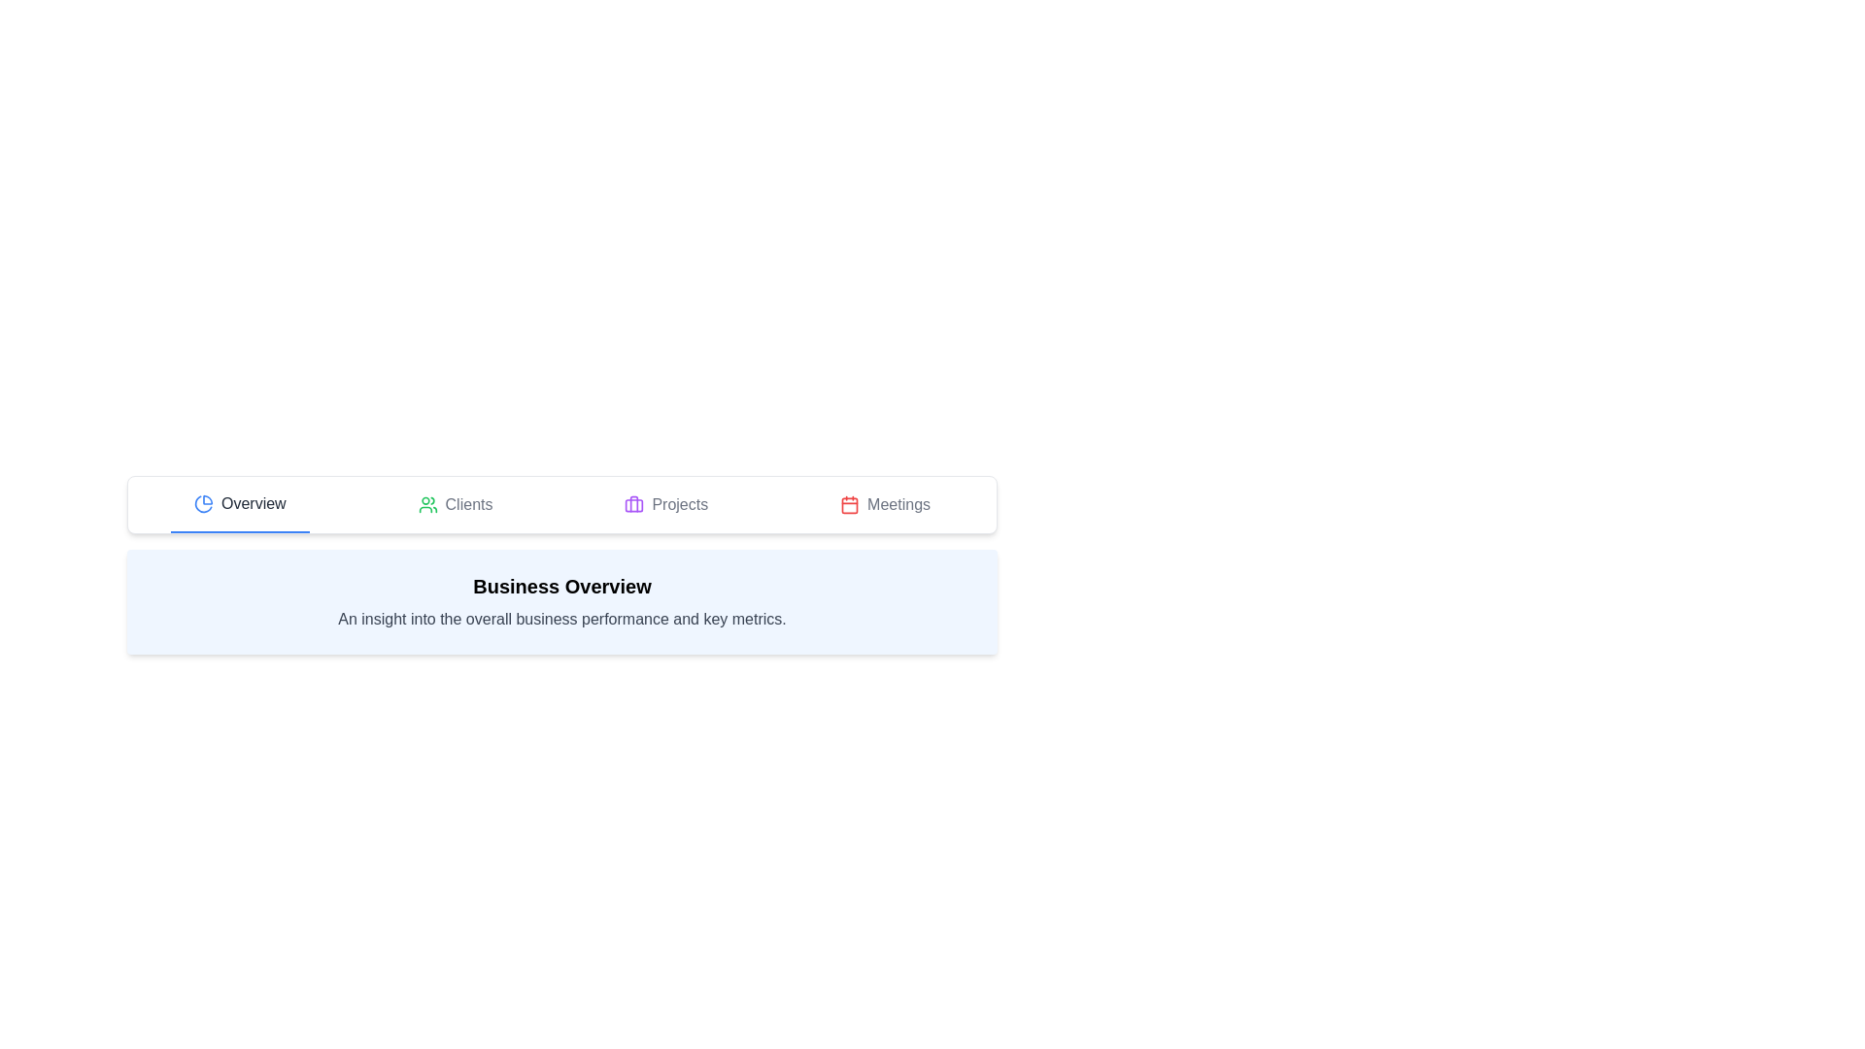 This screenshot has height=1049, width=1865. What do you see at coordinates (469, 504) in the screenshot?
I see `the navigation menu item labeled 'Clients'` at bounding box center [469, 504].